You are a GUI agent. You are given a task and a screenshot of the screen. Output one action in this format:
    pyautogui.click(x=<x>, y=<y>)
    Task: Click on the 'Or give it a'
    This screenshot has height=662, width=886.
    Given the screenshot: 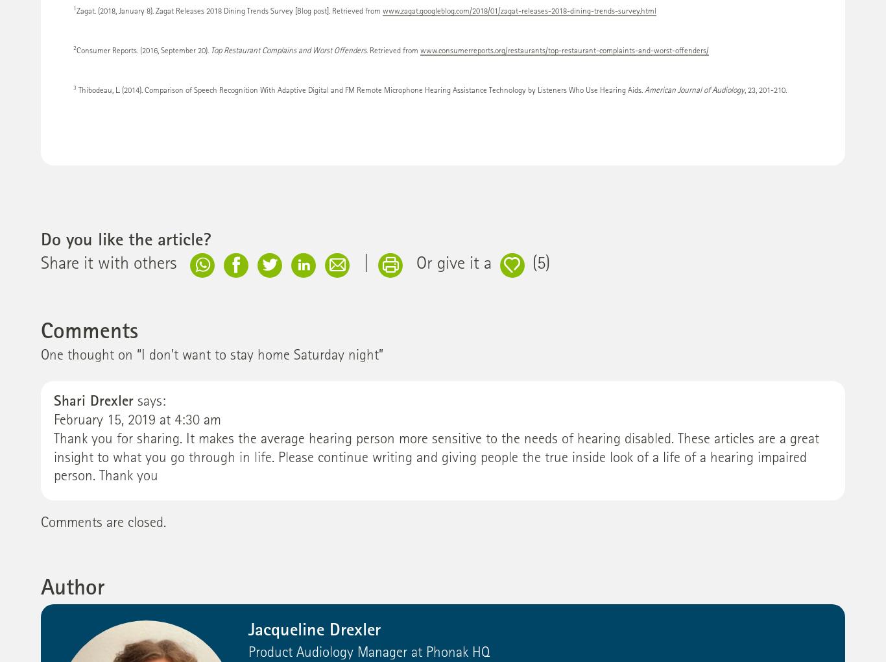 What is the action you would take?
    pyautogui.click(x=453, y=265)
    